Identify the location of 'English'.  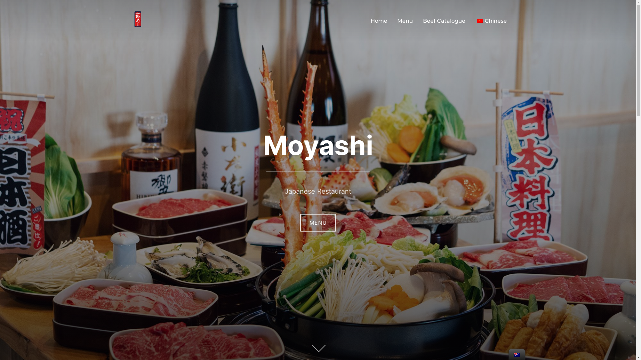
(516, 354).